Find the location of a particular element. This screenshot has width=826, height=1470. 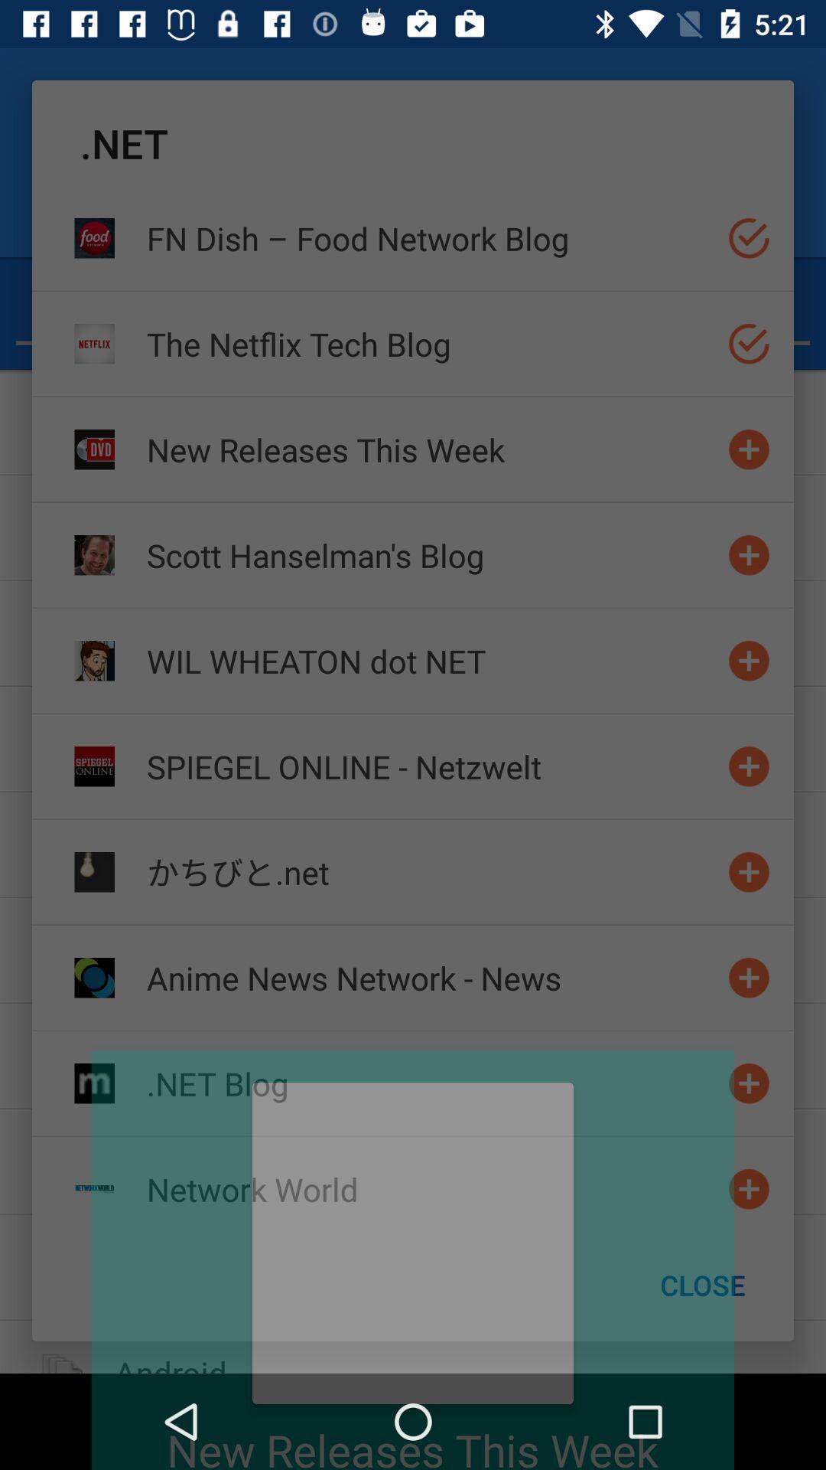

to list is located at coordinates (748, 1187).